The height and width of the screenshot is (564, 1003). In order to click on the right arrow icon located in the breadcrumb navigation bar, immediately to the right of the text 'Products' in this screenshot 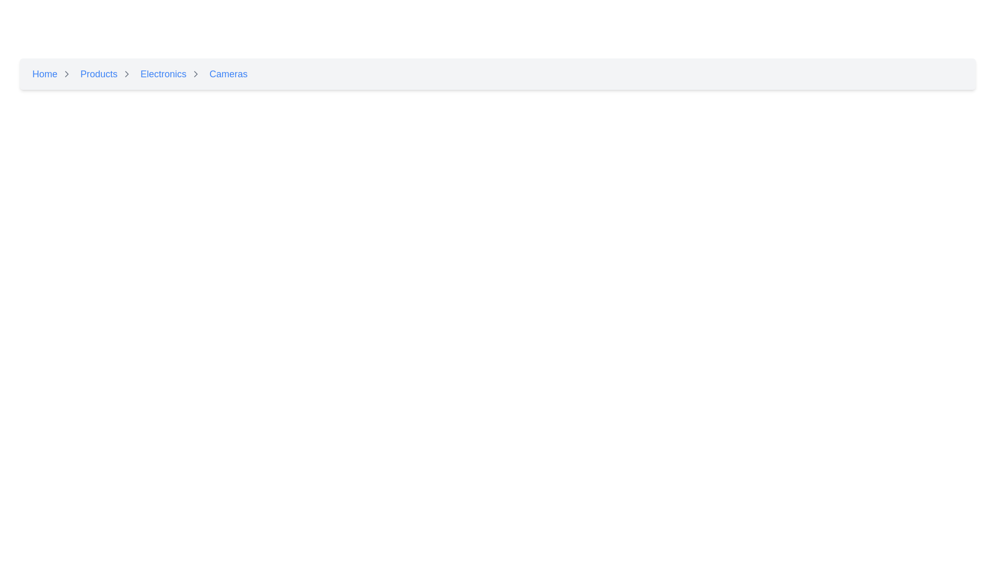, I will do `click(126, 74)`.